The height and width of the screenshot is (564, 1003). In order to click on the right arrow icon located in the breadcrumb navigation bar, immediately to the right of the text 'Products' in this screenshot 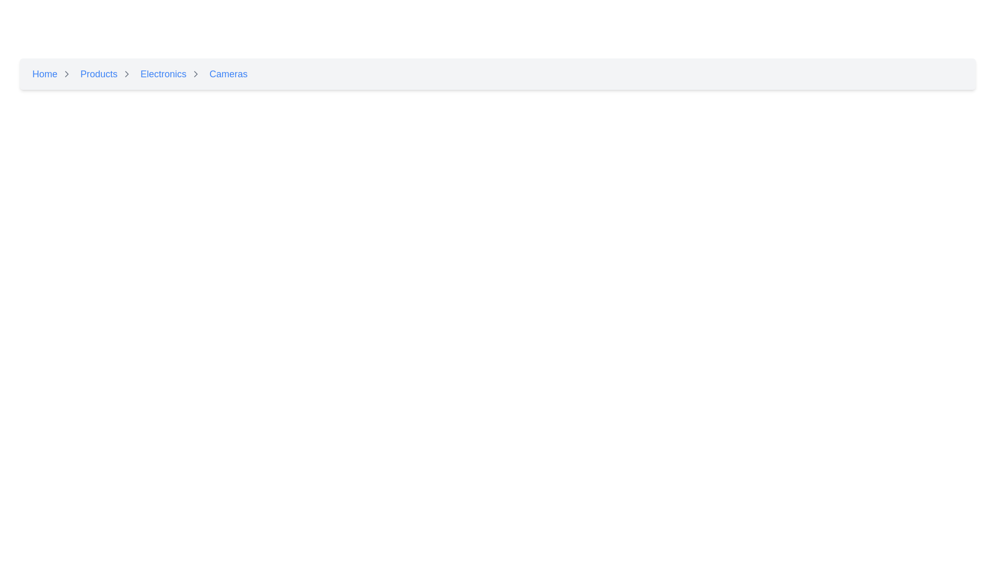, I will do `click(126, 74)`.